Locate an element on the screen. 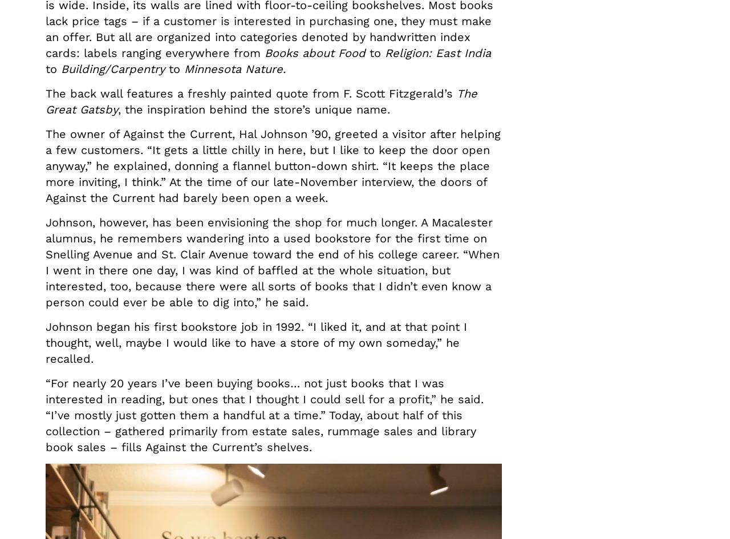  'Minnesota Nature.' is located at coordinates (184, 68).